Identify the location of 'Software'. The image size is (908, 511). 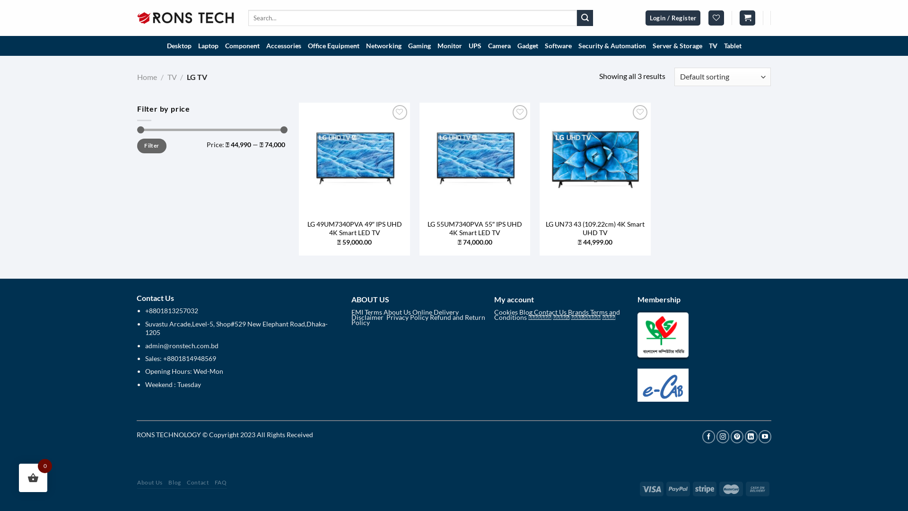
(541, 45).